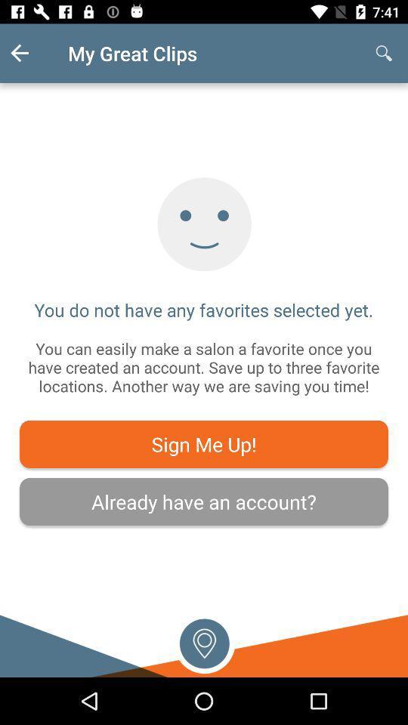 The image size is (408, 725). I want to click on the item above the you do not, so click(32, 53).